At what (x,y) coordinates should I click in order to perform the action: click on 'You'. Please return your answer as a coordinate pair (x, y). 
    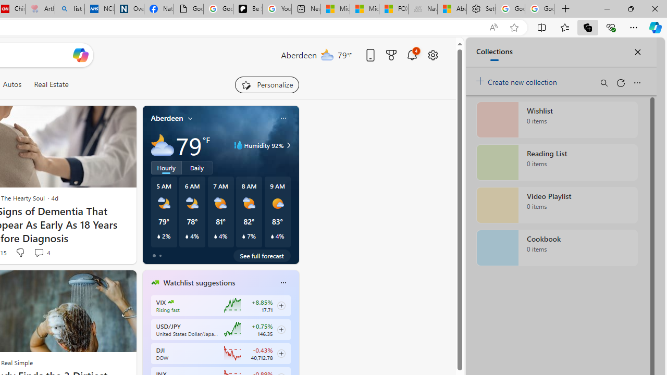
    Looking at the image, I should click on (103, 256).